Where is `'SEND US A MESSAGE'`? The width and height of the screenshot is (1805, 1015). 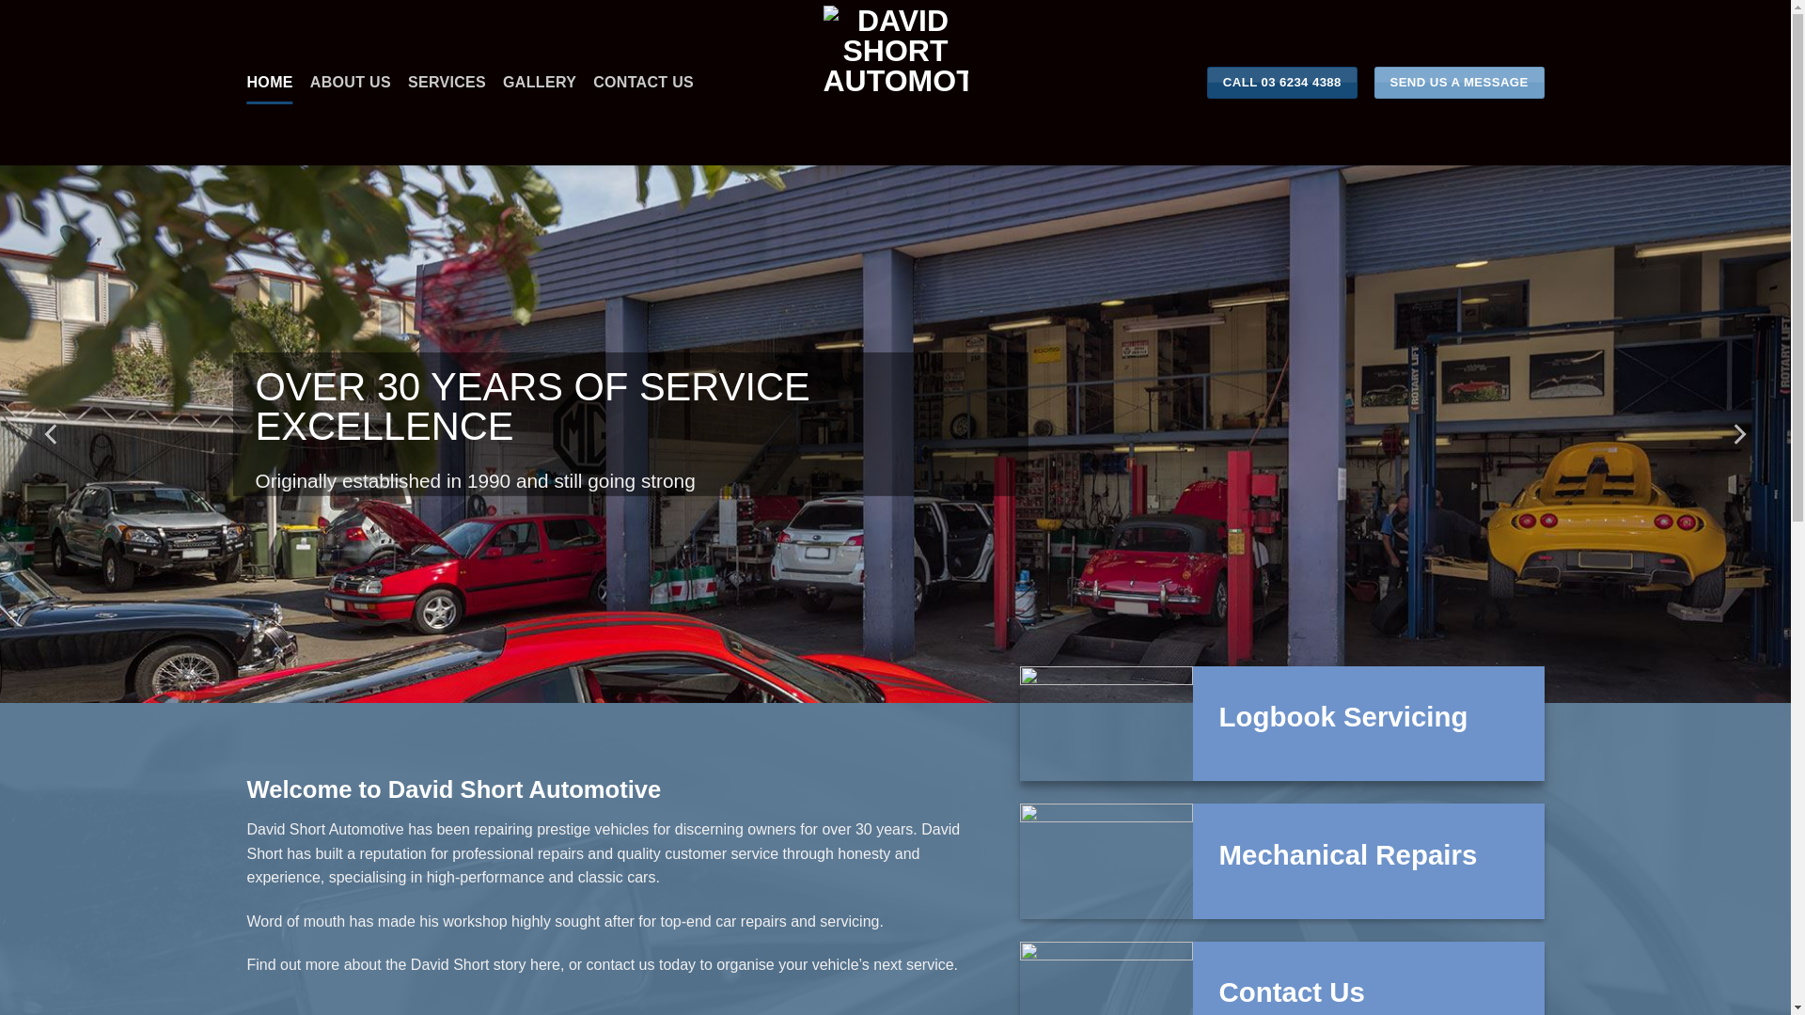
'SEND US A MESSAGE' is located at coordinates (1458, 82).